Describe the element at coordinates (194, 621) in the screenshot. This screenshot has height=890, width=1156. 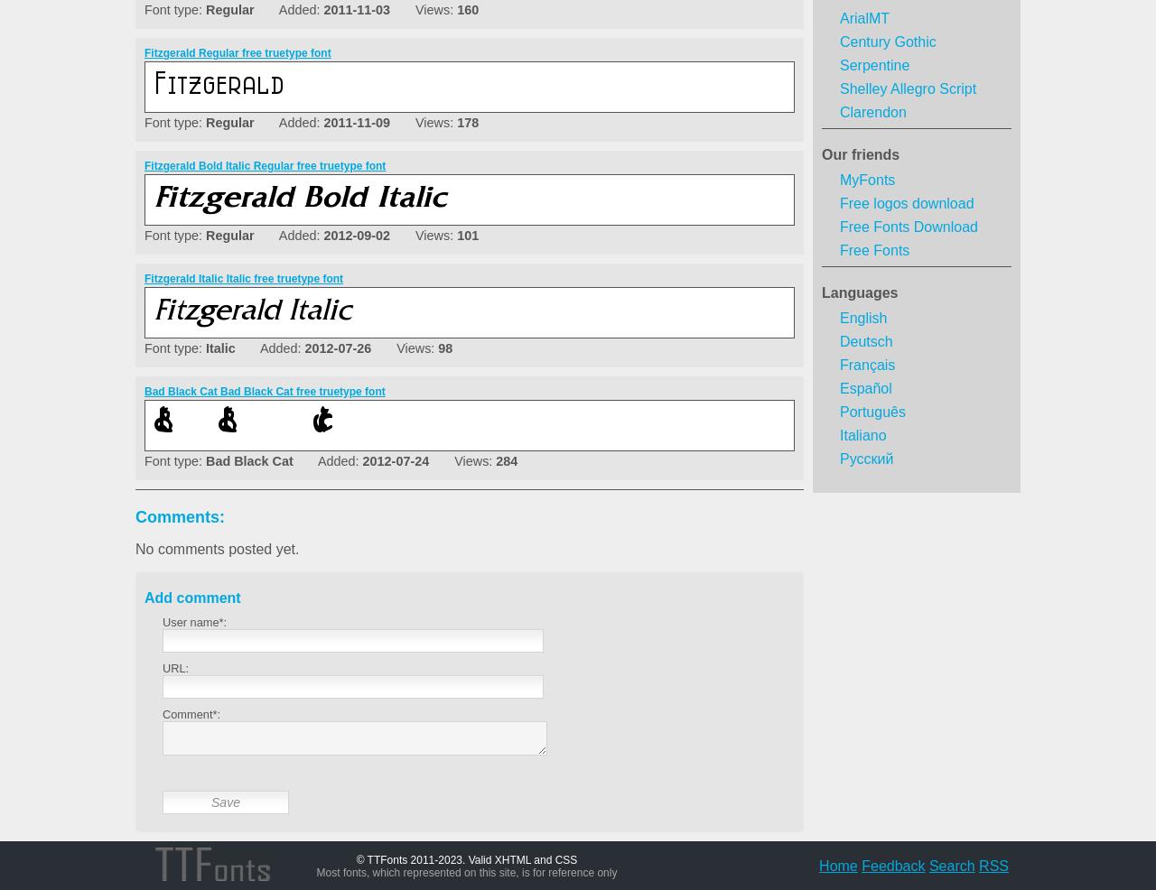
I see `'User name*:'` at that location.